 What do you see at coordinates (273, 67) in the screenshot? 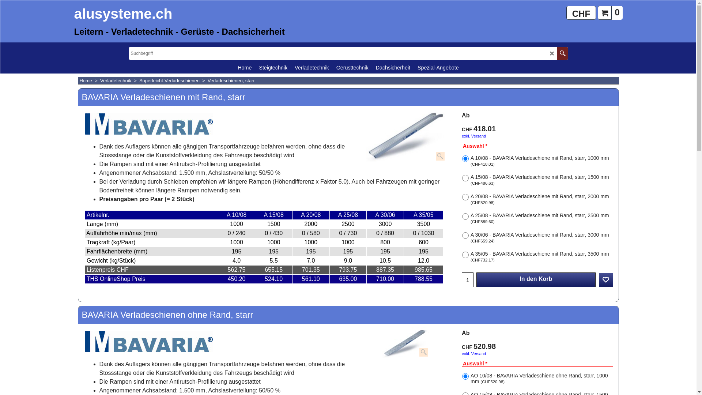
I see `'Steigtechnik'` at bounding box center [273, 67].